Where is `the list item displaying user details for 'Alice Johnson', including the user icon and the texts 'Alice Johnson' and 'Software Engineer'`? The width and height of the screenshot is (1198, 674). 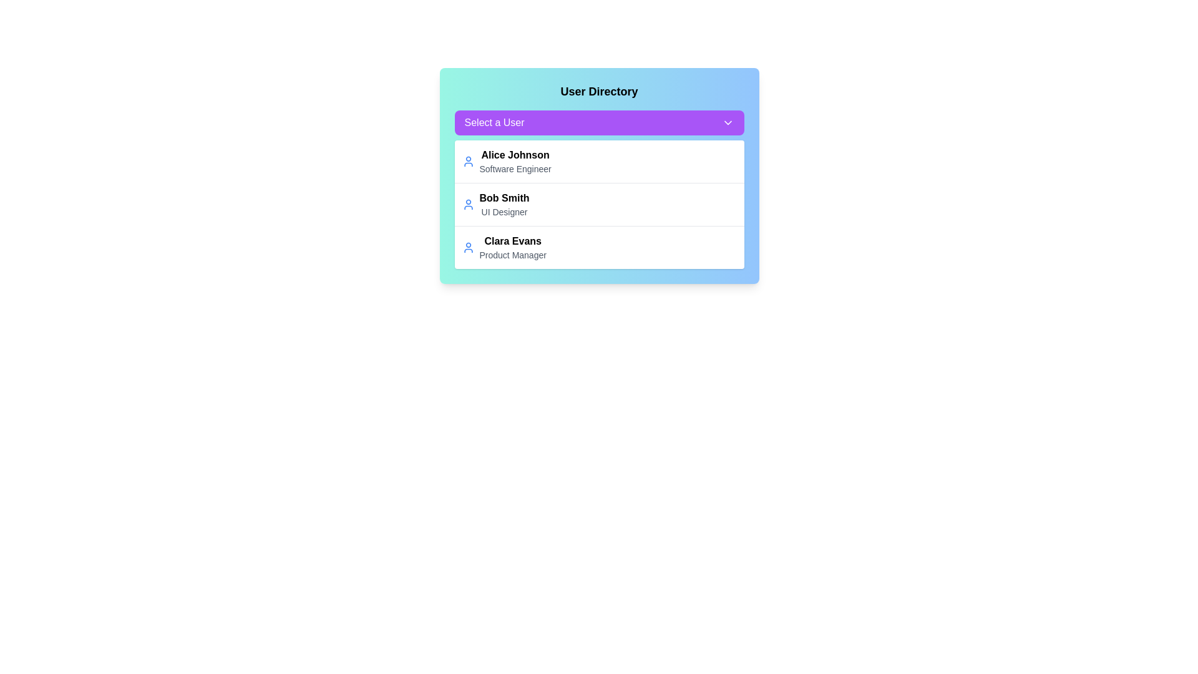 the list item displaying user details for 'Alice Johnson', including the user icon and the texts 'Alice Johnson' and 'Software Engineer' is located at coordinates (507, 160).